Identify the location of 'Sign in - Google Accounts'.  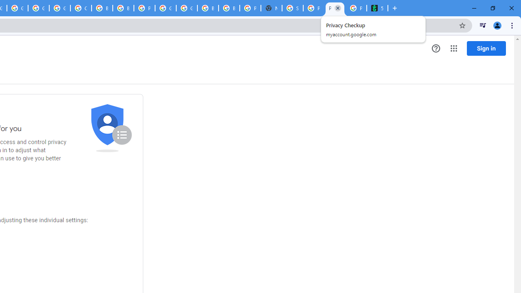
(292, 8).